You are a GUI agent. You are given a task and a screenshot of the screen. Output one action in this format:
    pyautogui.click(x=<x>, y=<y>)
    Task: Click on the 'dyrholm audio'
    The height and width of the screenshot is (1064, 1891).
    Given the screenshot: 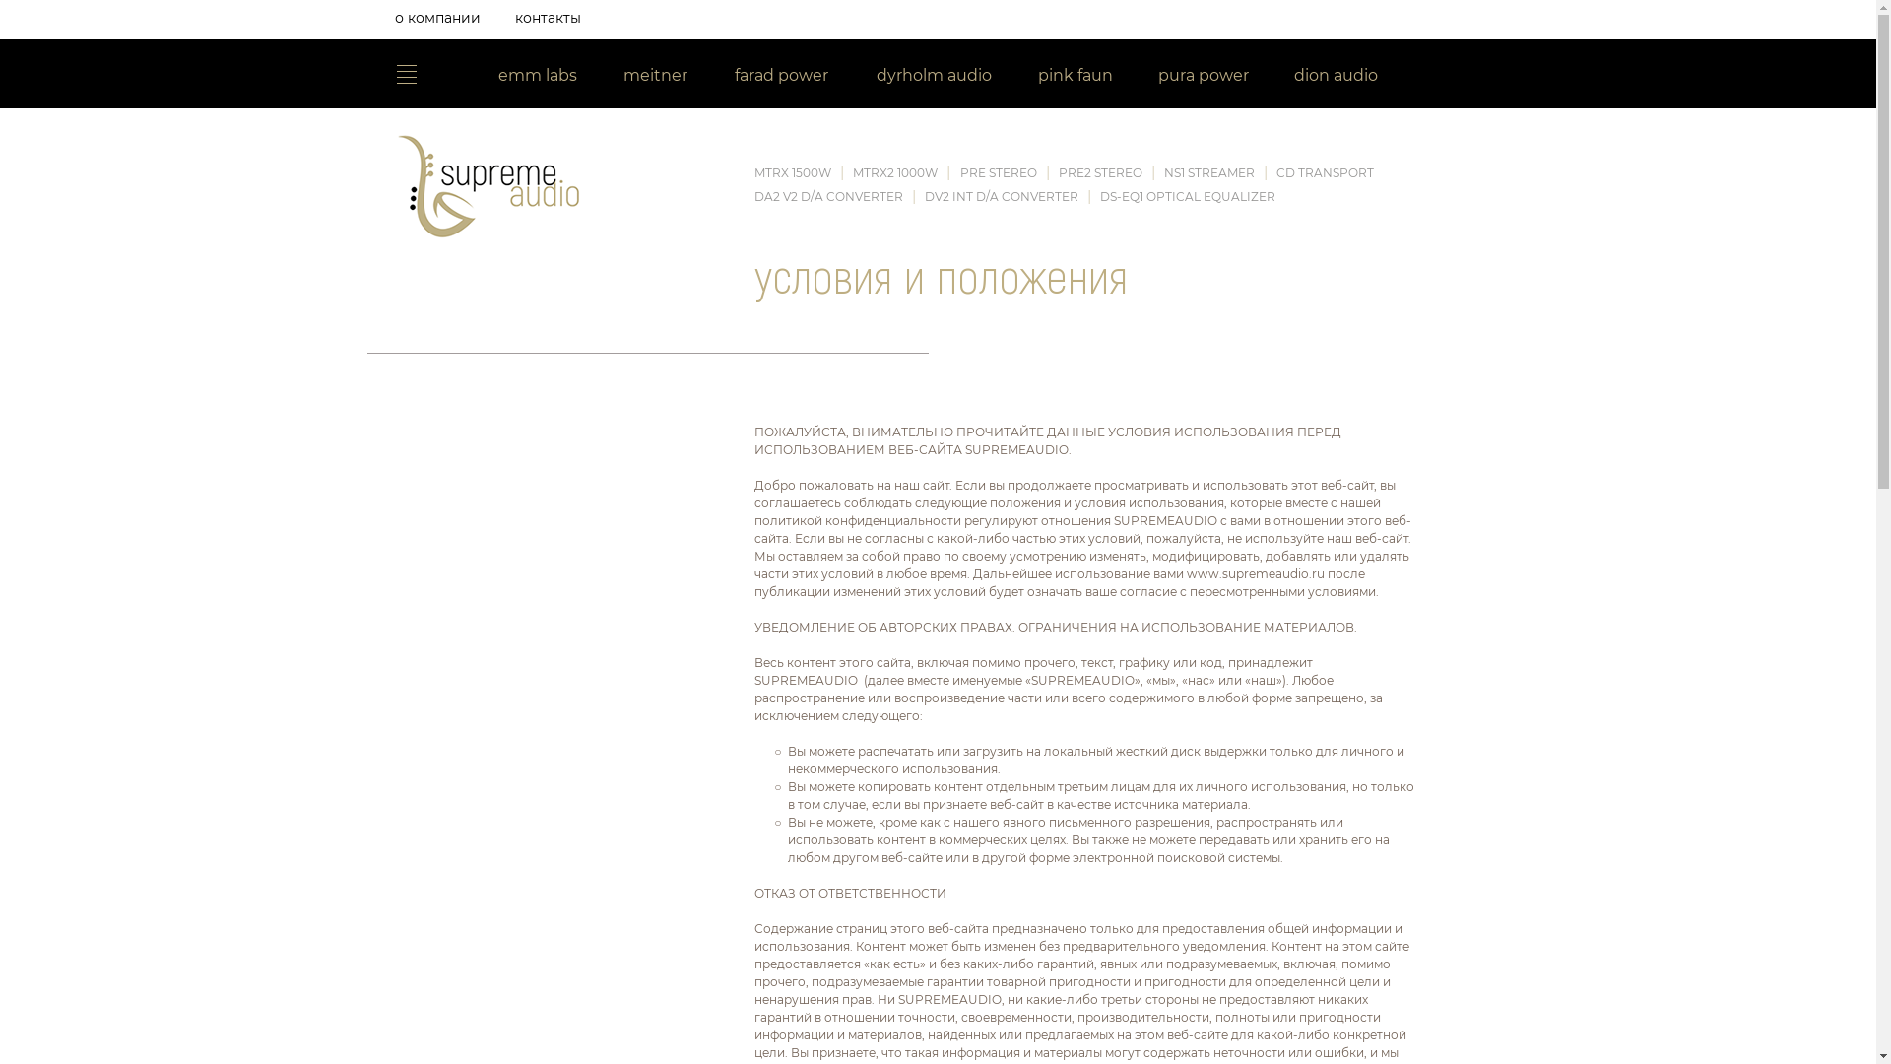 What is the action you would take?
    pyautogui.click(x=933, y=76)
    